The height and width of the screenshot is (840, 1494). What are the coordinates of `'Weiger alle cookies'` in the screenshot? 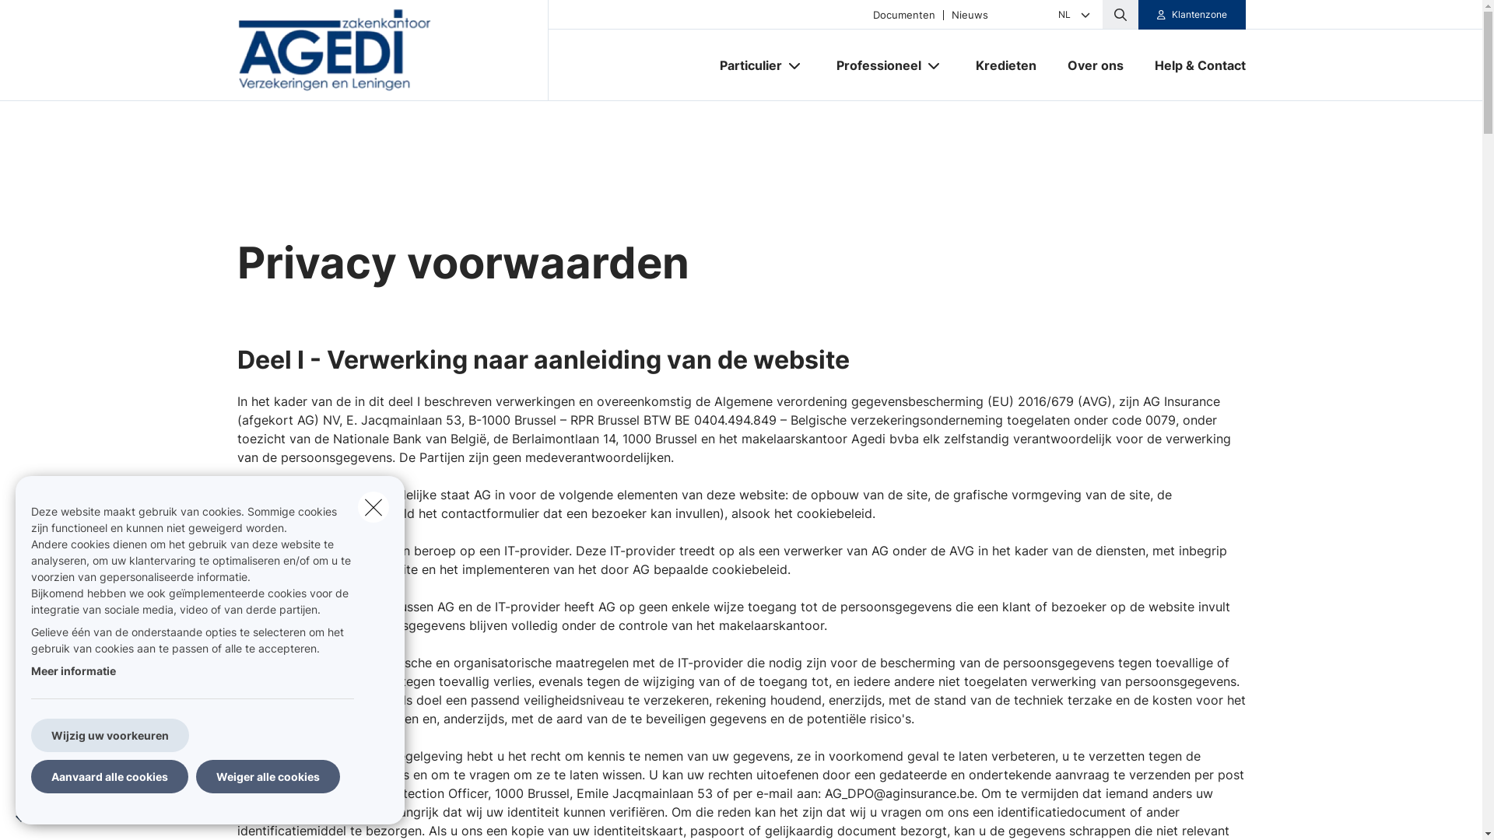 It's located at (268, 776).